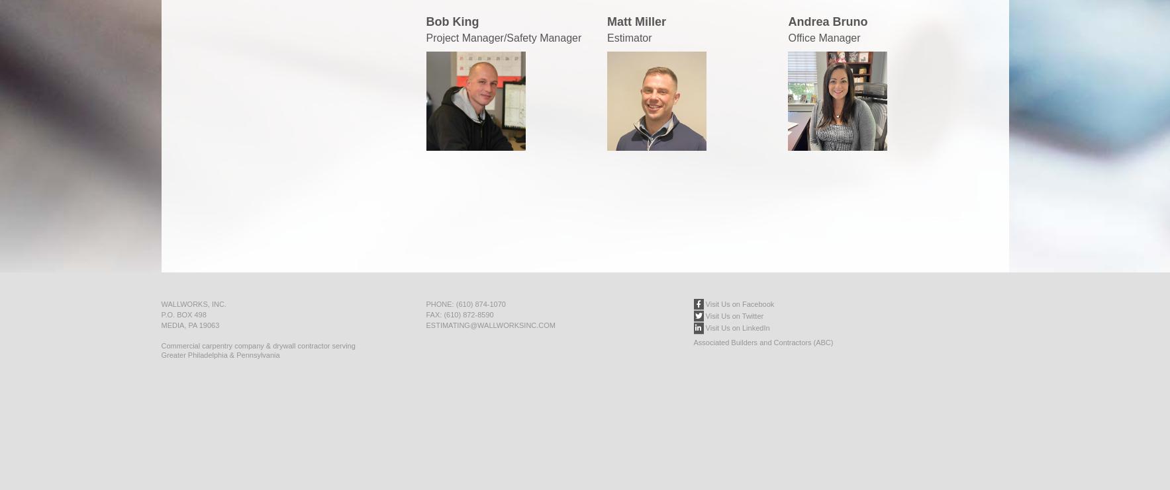 Image resolution: width=1170 pixels, height=490 pixels. Describe the element at coordinates (738, 304) in the screenshot. I see `'Visit Us on Facebook'` at that location.